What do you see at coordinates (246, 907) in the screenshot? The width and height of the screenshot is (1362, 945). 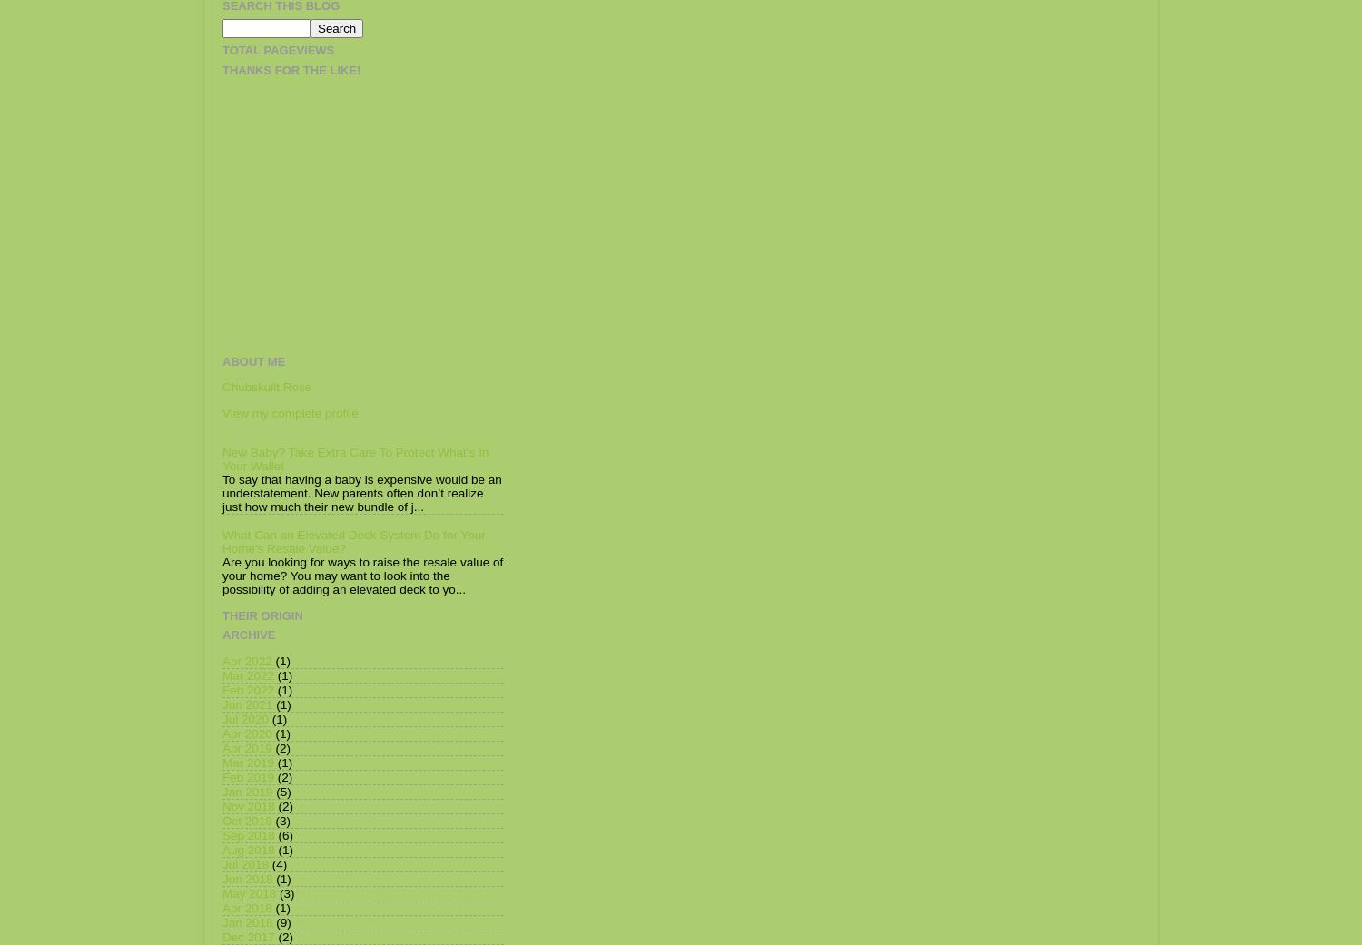 I see `'Apr 2018'` at bounding box center [246, 907].